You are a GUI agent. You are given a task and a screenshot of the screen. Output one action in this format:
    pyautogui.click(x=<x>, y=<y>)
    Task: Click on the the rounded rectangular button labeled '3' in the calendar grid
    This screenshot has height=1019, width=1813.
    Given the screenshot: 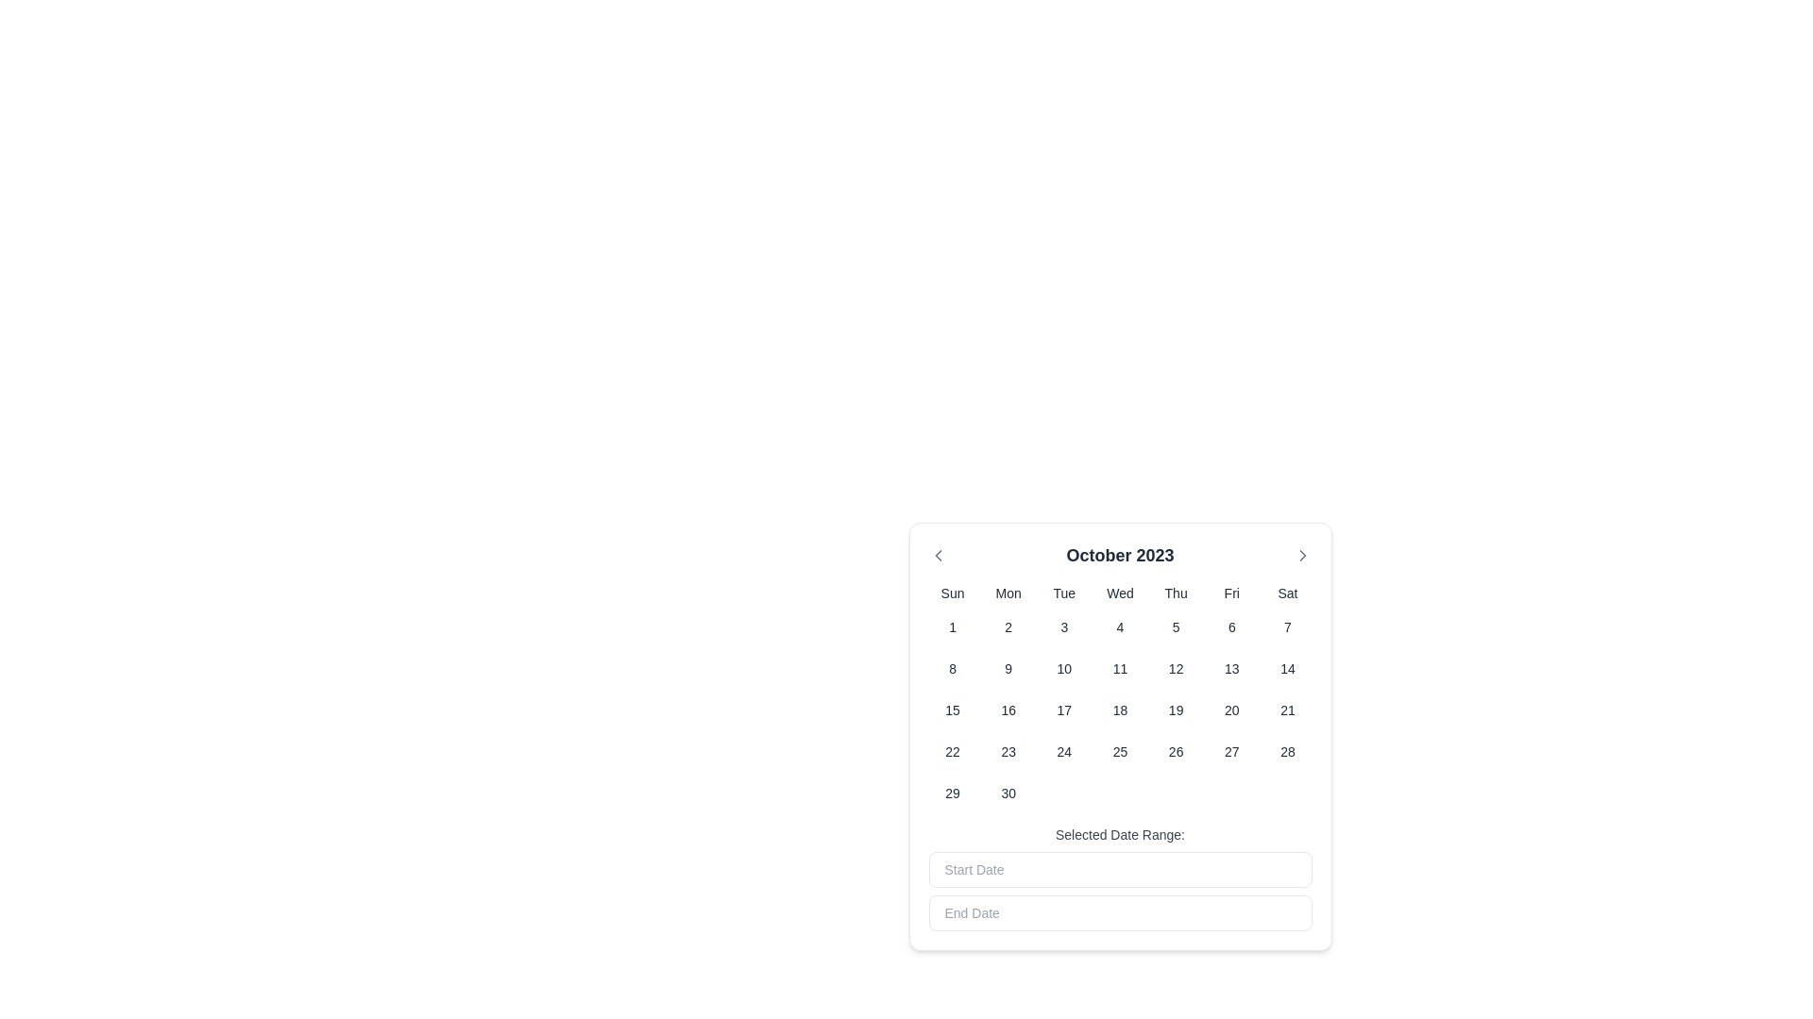 What is the action you would take?
    pyautogui.click(x=1064, y=626)
    